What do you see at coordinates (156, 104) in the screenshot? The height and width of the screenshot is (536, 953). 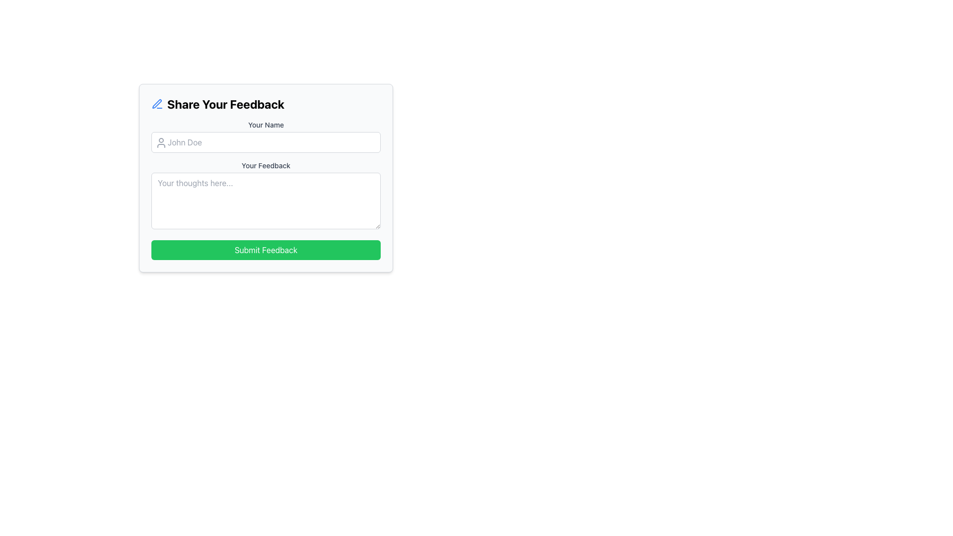 I see `the decorative graphic element of the pen icon next to the 'Share Your Feedback' text in the feedback panel` at bounding box center [156, 104].